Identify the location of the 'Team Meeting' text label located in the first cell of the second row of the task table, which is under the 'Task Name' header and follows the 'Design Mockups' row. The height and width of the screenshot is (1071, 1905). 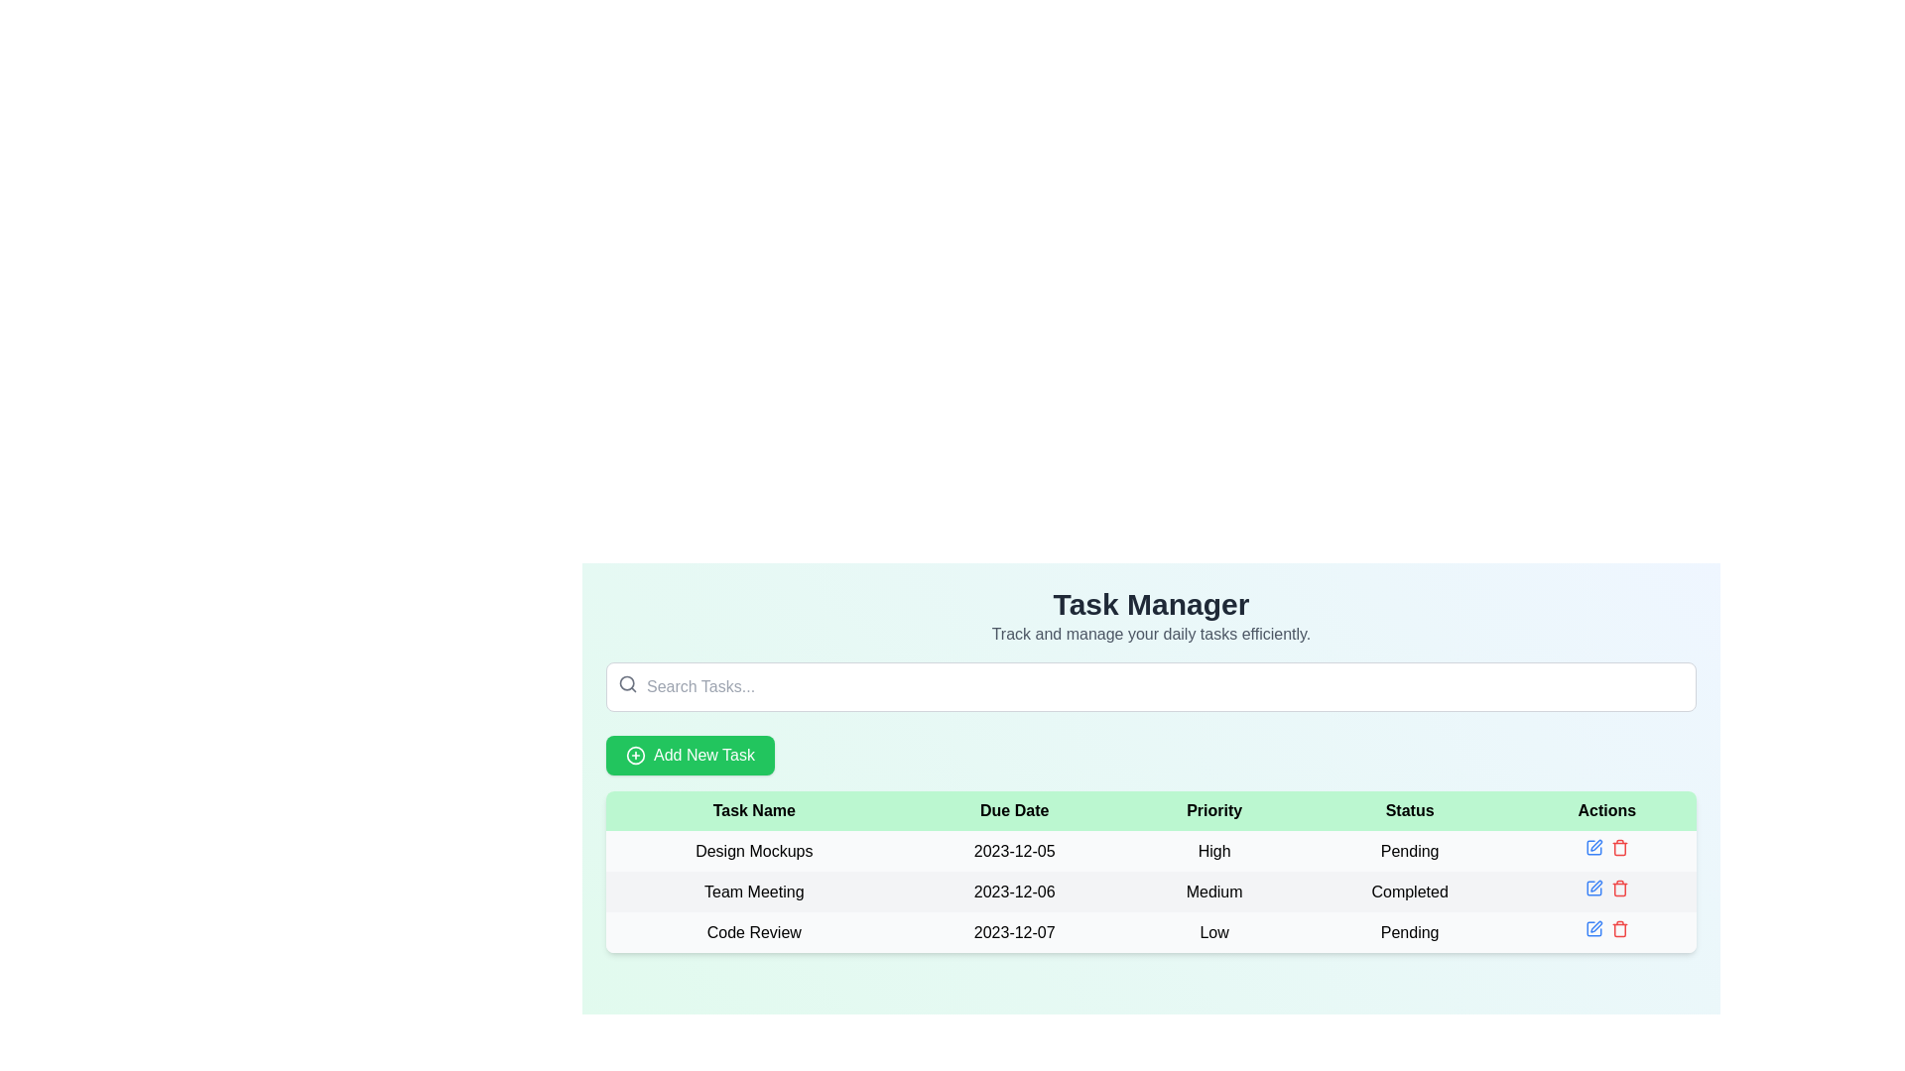
(753, 891).